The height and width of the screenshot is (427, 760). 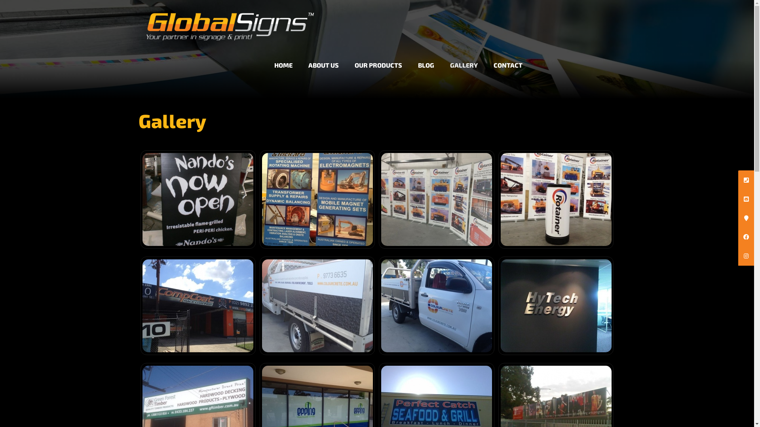 I want to click on 'Global Signs', so click(x=230, y=19).